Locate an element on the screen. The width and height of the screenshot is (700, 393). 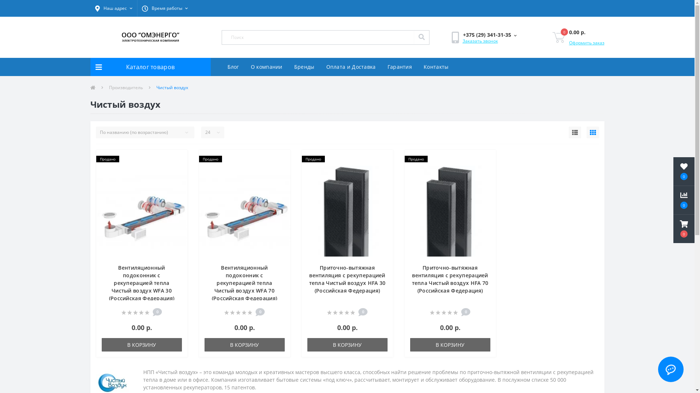
'+375 (29) 341-31-35' is located at coordinates (462, 35).